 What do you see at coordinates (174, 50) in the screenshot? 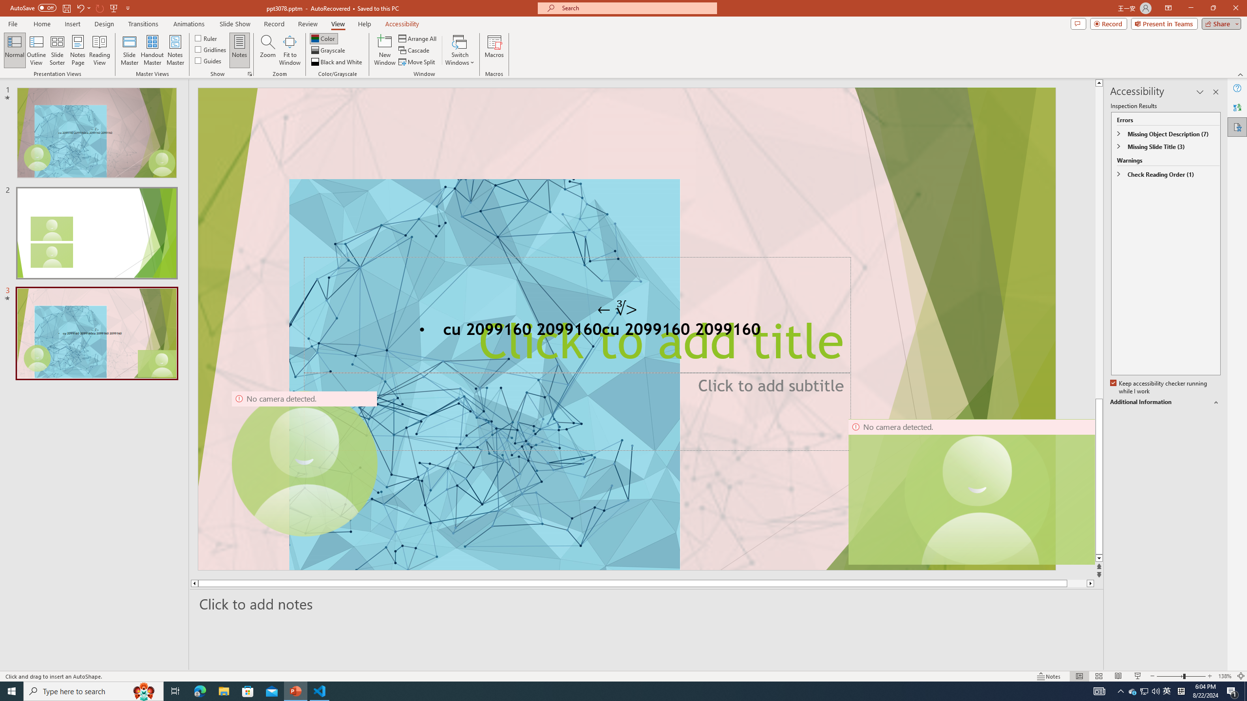
I see `'Notes Master'` at bounding box center [174, 50].